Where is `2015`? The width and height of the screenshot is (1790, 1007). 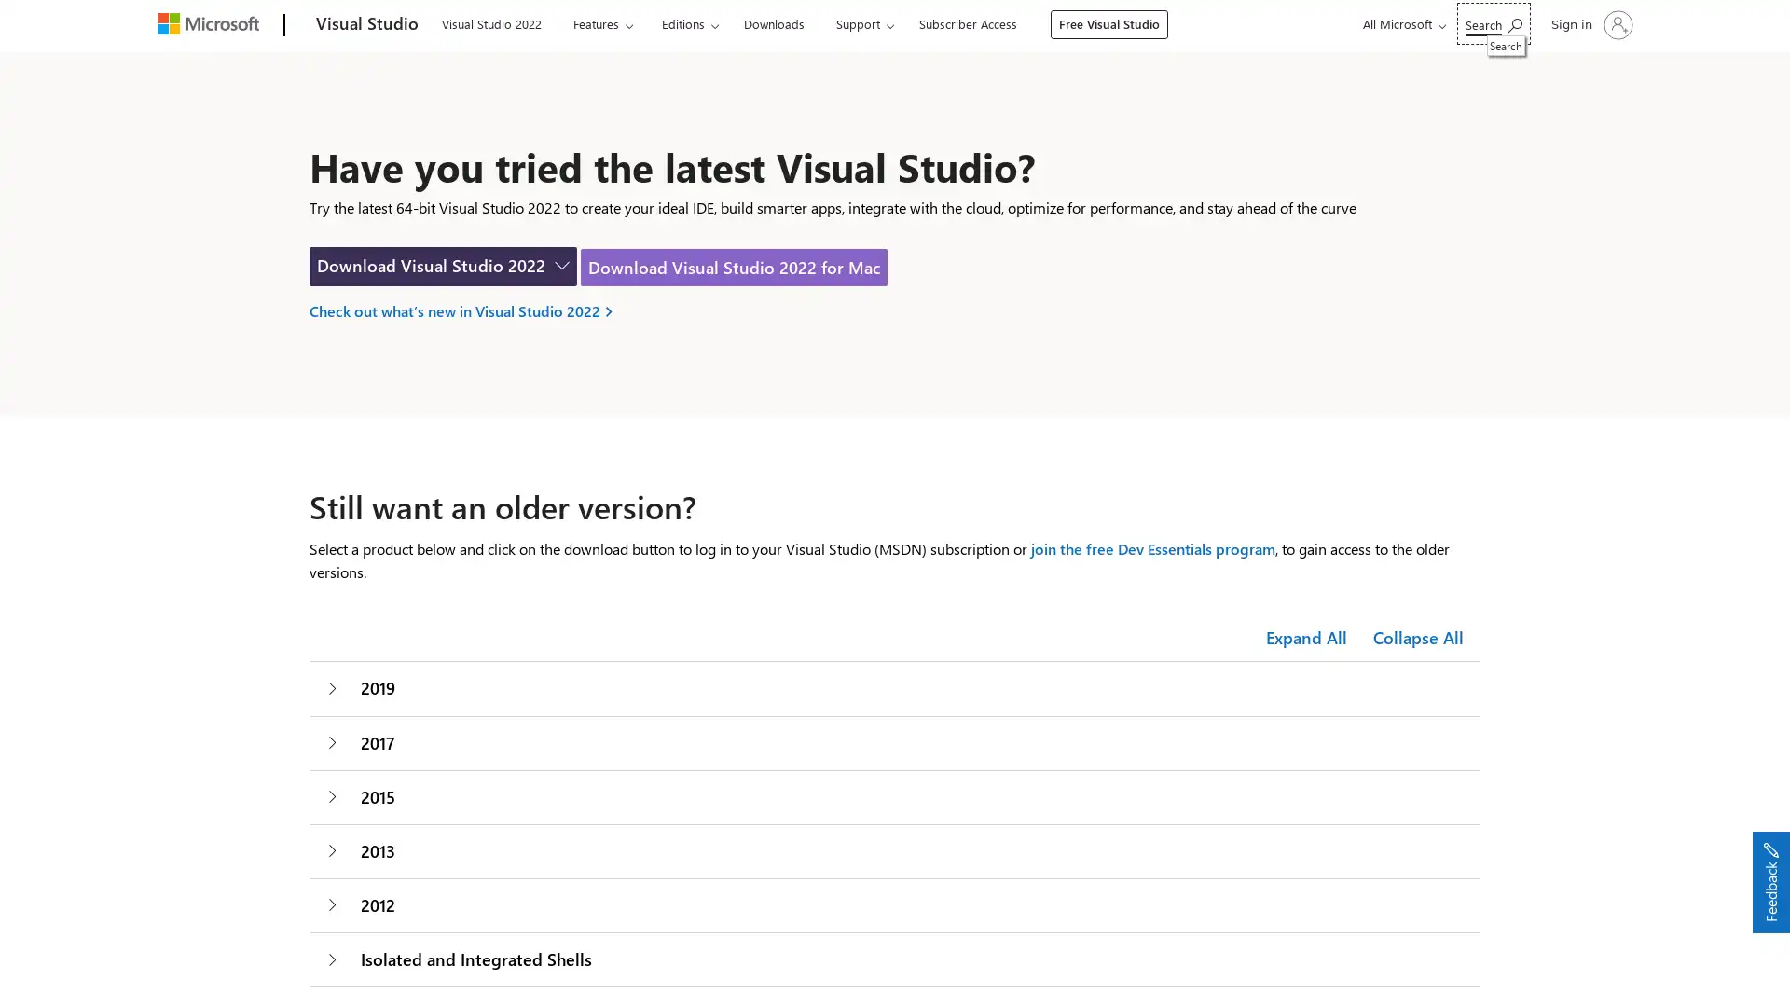
2015 is located at coordinates (895, 796).